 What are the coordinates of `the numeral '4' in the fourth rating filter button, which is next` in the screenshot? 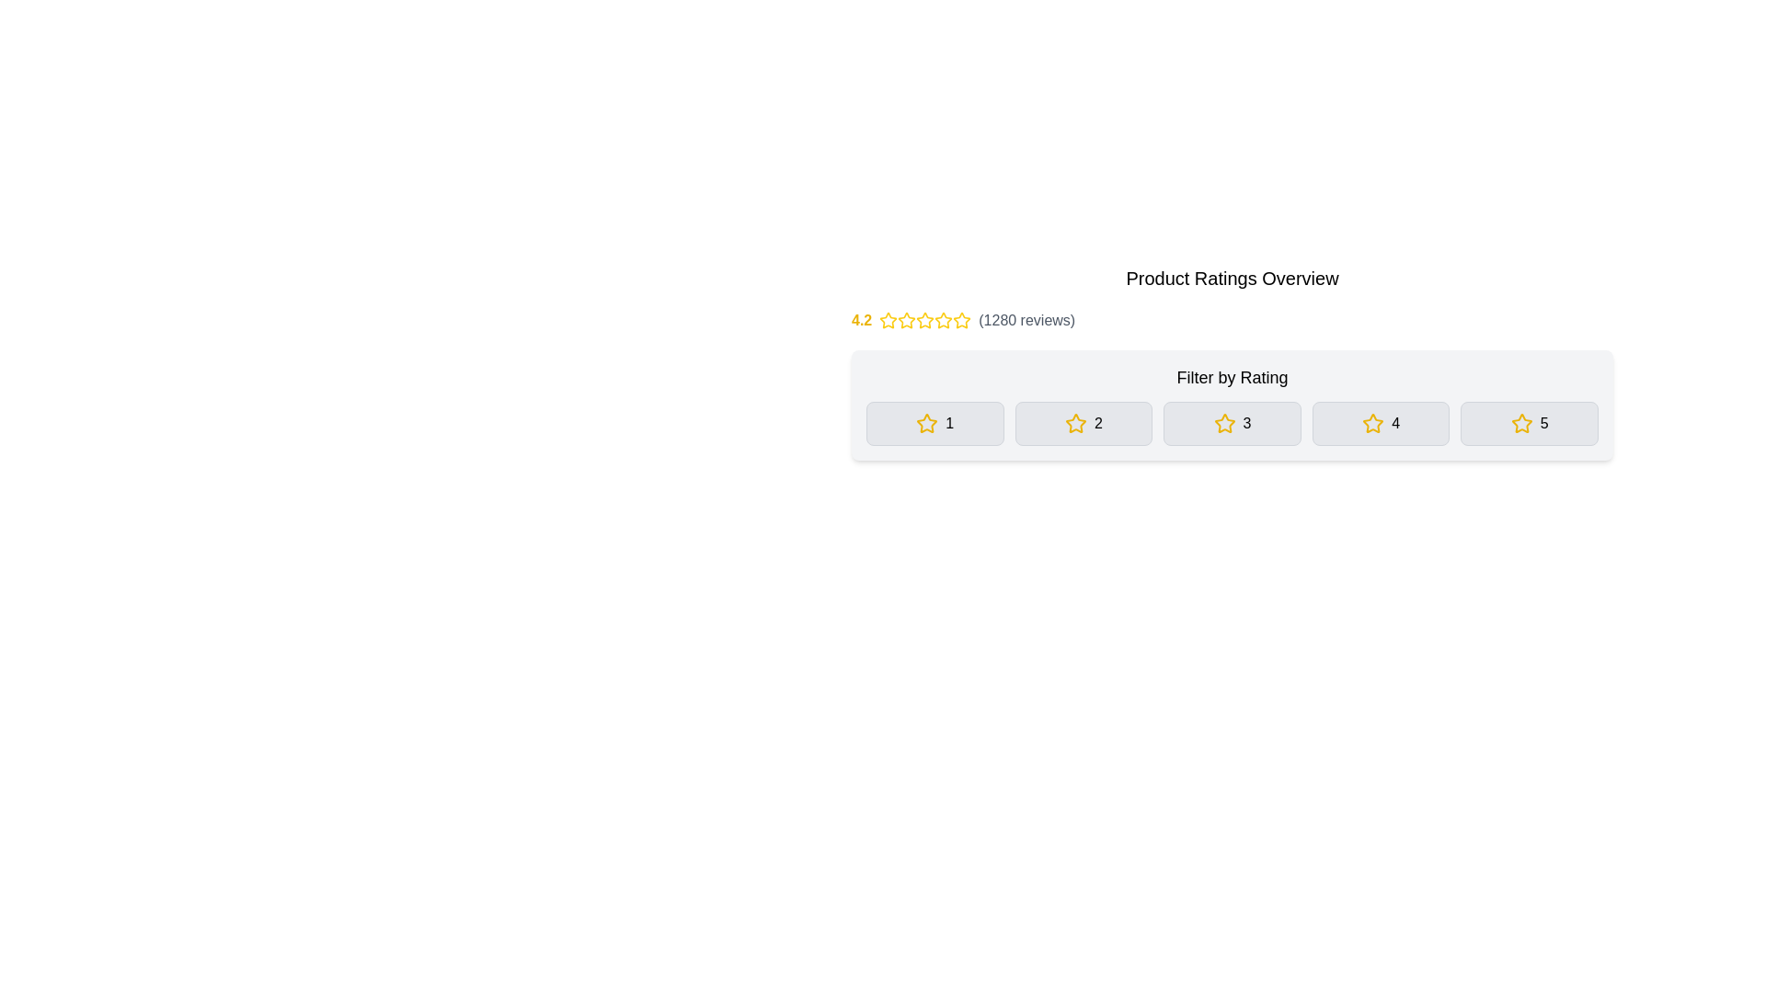 It's located at (1395, 424).